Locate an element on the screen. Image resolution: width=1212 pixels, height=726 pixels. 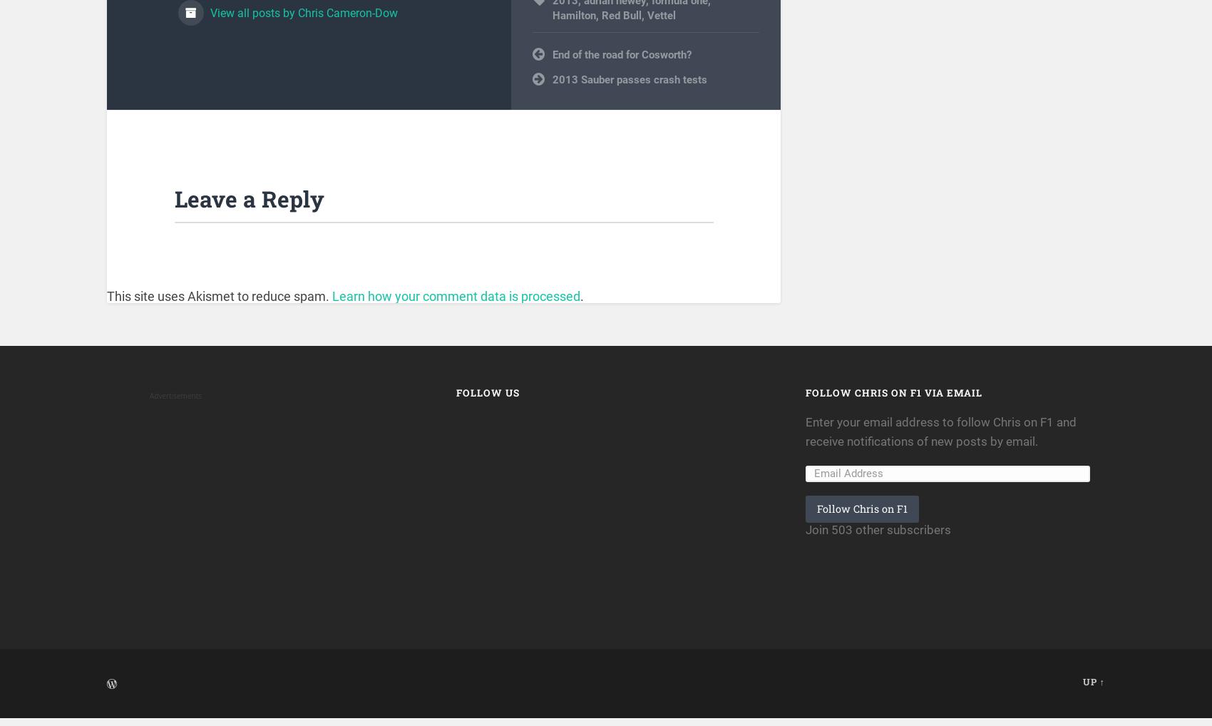
'Follow Chris on F1 via Email' is located at coordinates (893, 401).